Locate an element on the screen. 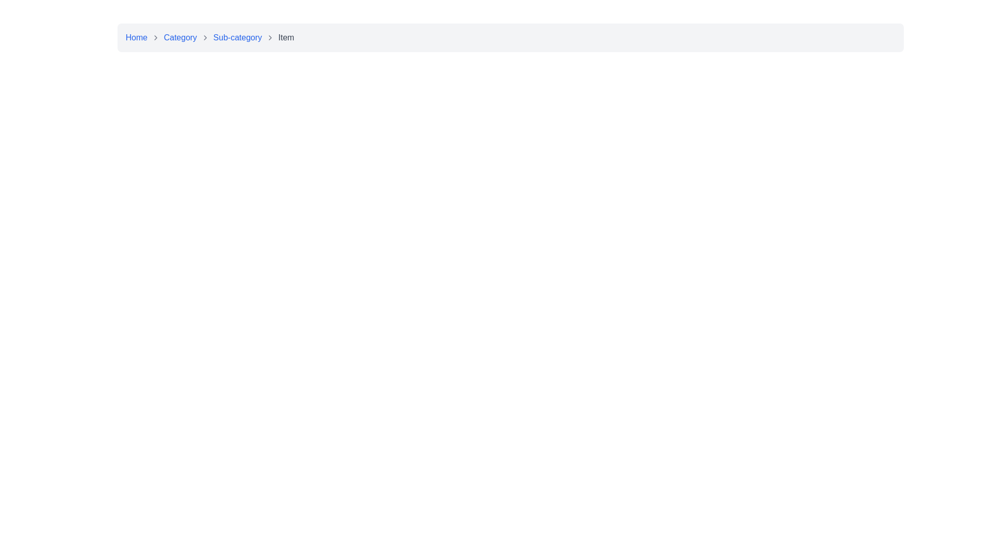 This screenshot has height=552, width=981. the small, right-facing gray outline arrow icon located between the 'Home' and 'Category' links in the breadcrumb navigation bar is located at coordinates (155, 37).